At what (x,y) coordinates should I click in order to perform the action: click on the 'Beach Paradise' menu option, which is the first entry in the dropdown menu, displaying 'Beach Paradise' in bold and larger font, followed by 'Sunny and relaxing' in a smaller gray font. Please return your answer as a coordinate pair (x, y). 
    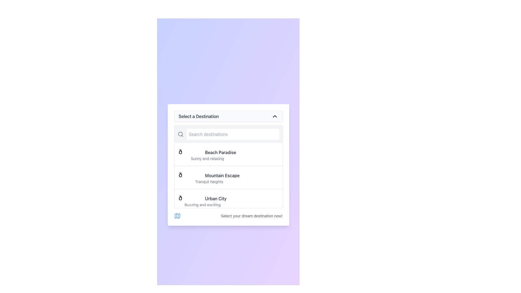
    Looking at the image, I should click on (207, 154).